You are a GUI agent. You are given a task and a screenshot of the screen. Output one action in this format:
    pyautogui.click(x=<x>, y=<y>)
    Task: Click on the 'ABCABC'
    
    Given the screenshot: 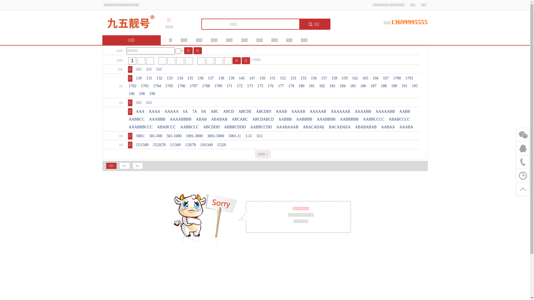 What is the action you would take?
    pyautogui.click(x=240, y=119)
    